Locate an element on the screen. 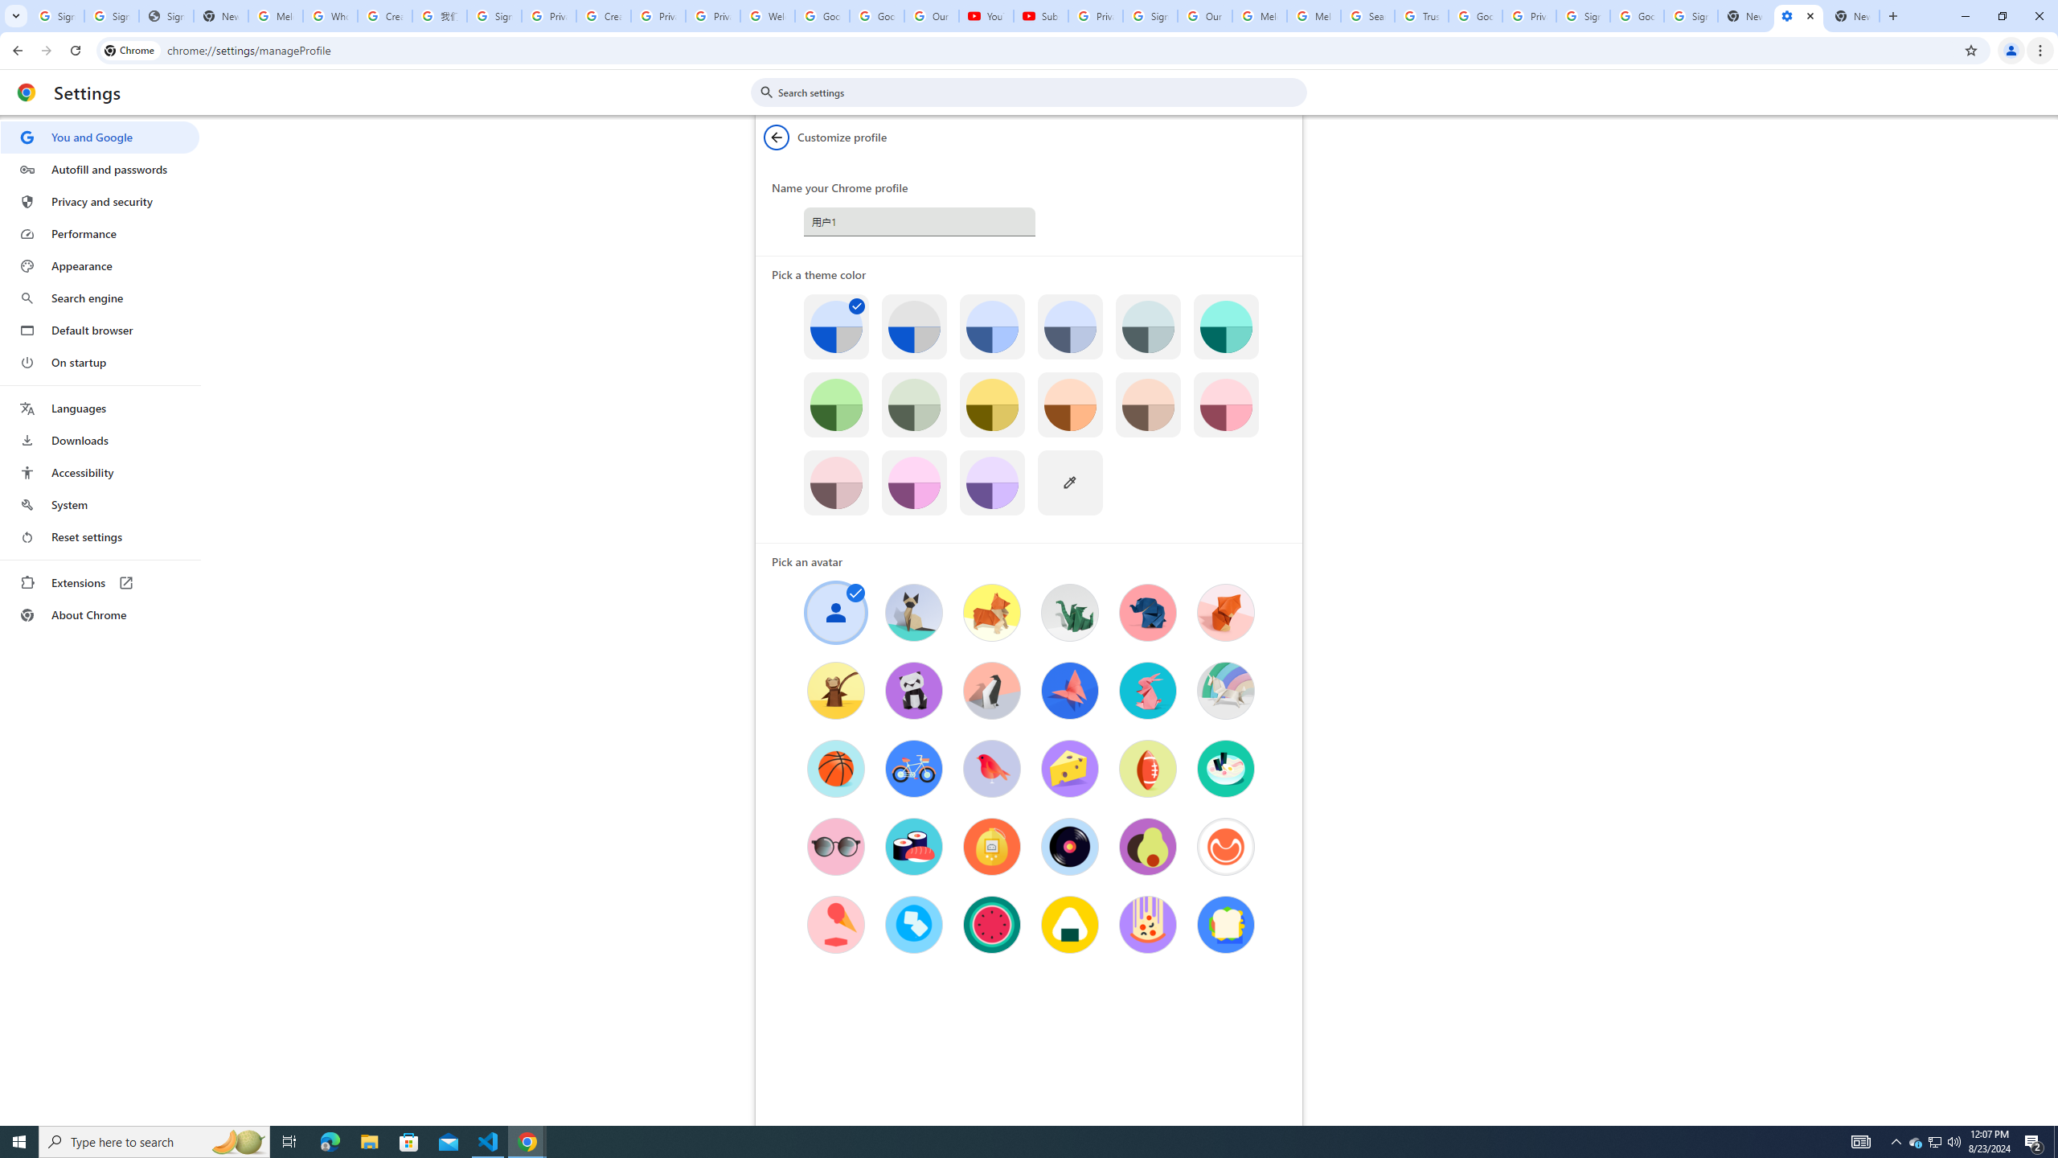 The height and width of the screenshot is (1158, 2058). 'Welcome to My Activity' is located at coordinates (766, 15).